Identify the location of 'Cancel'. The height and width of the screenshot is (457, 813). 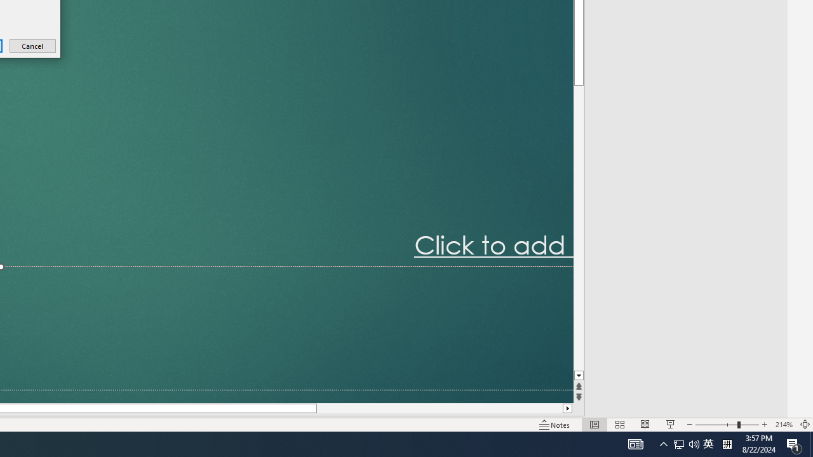
(32, 45).